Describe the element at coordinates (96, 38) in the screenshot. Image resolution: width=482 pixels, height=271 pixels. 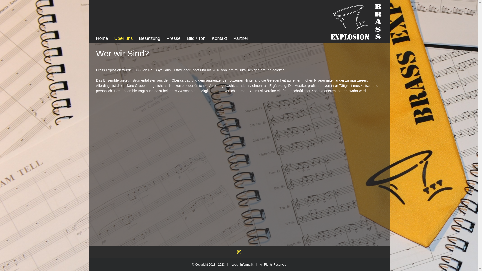
I see `'Home'` at that location.